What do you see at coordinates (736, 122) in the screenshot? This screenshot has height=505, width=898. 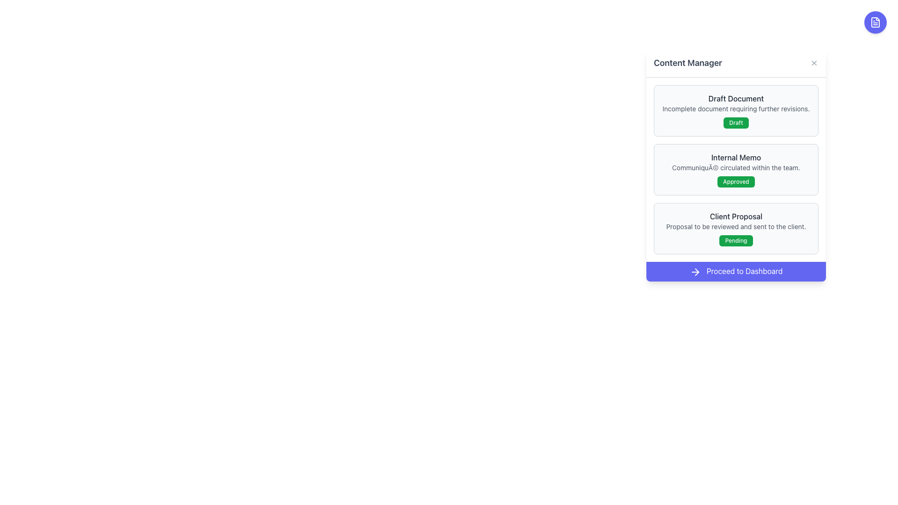 I see `text content of the Status Label button, which is a green pill-shaped button displaying 'Draft' within the 'Draft Document' section of the 'Content Manager'` at bounding box center [736, 122].